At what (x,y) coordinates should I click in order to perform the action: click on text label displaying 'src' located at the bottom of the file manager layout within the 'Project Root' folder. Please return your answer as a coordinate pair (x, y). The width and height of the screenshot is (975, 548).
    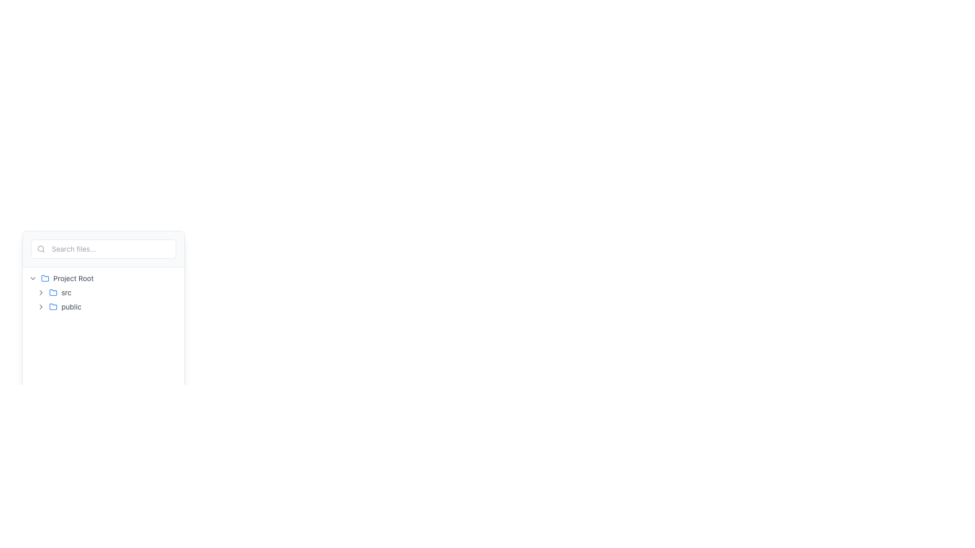
    Looking at the image, I should click on (66, 293).